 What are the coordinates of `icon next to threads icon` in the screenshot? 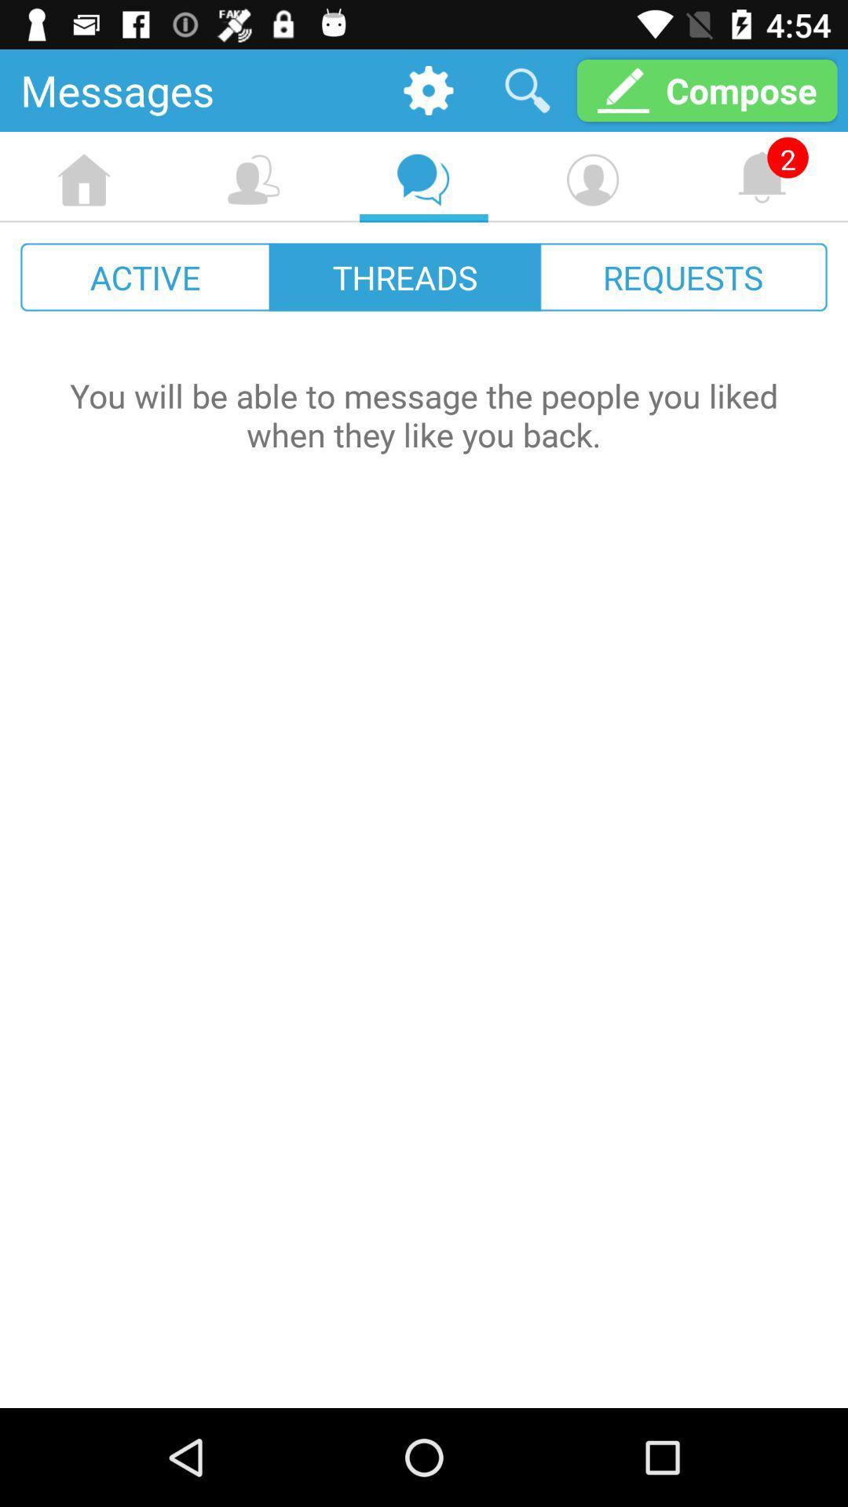 It's located at (145, 277).